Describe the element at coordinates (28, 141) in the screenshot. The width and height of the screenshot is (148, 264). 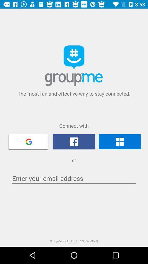
I see `the icon on the left` at that location.